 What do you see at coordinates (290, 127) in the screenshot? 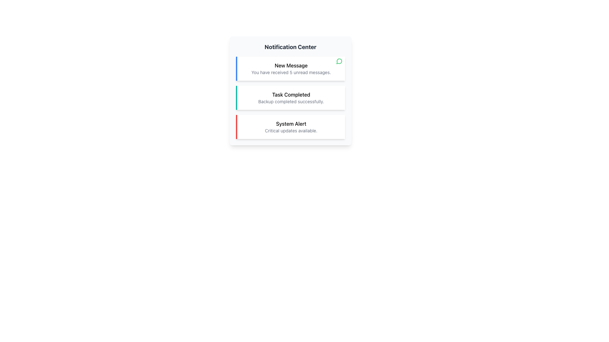
I see `the rectangular notification box with a left red border and white background that contains the text 'System Alert' and 'Critical updates available.'` at bounding box center [290, 127].